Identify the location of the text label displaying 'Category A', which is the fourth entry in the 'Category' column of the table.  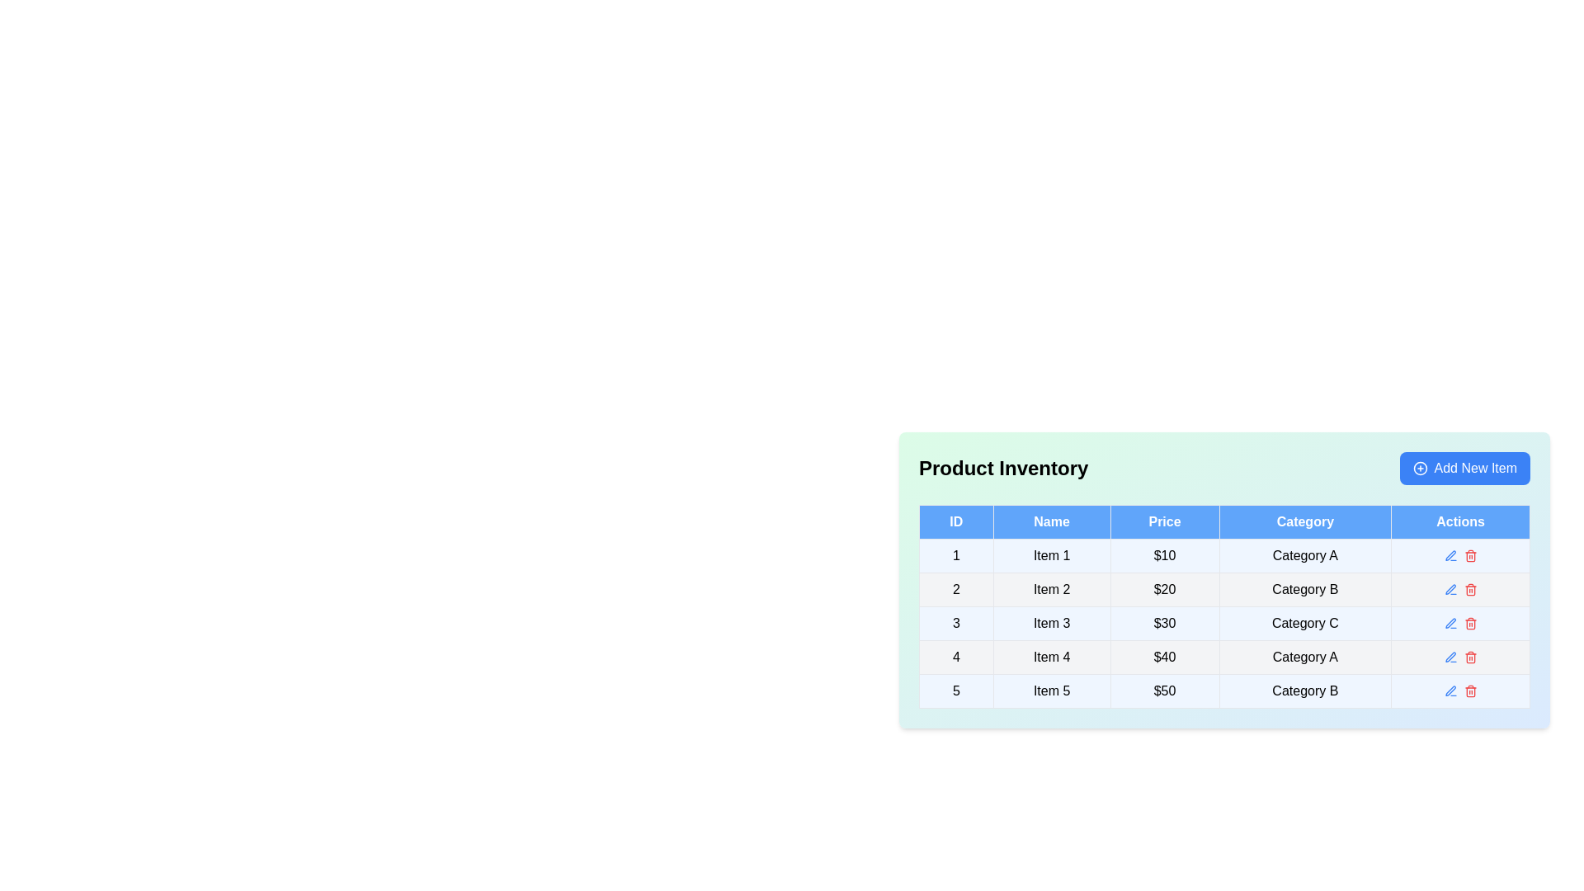
(1304, 657).